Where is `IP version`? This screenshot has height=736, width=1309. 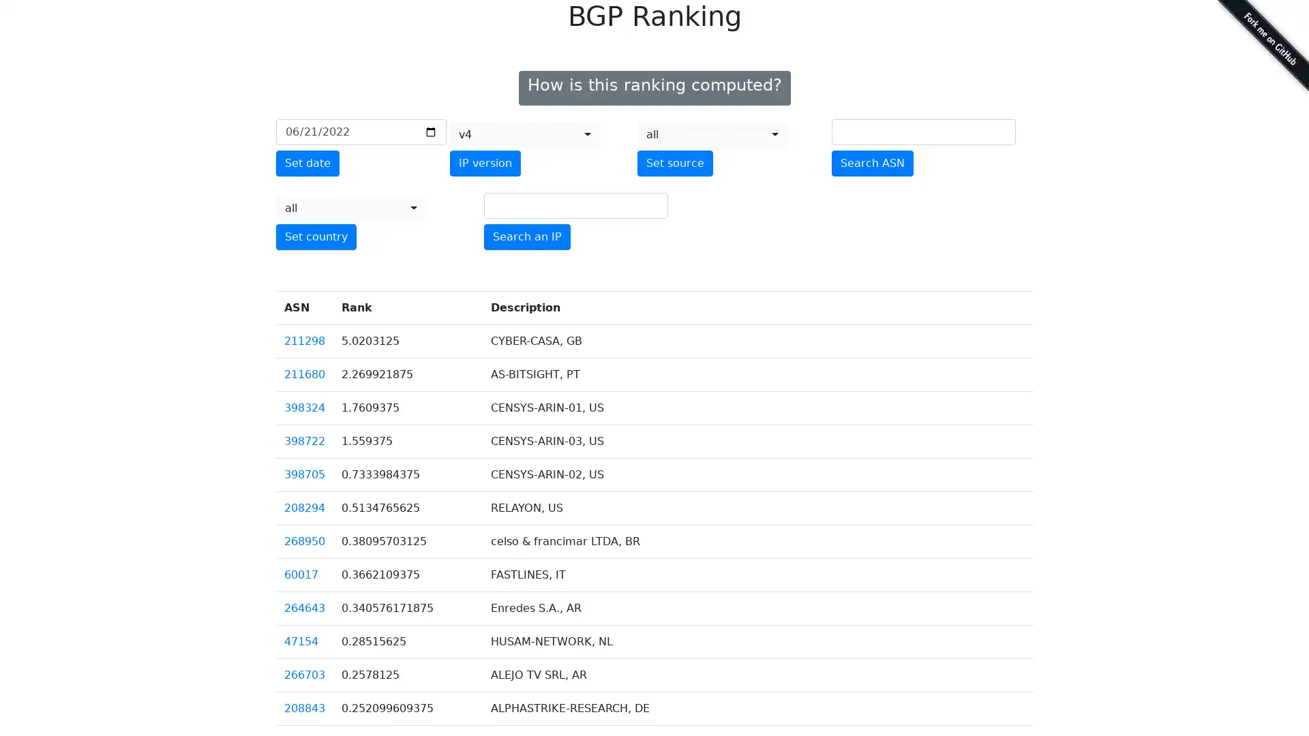
IP version is located at coordinates (485, 162).